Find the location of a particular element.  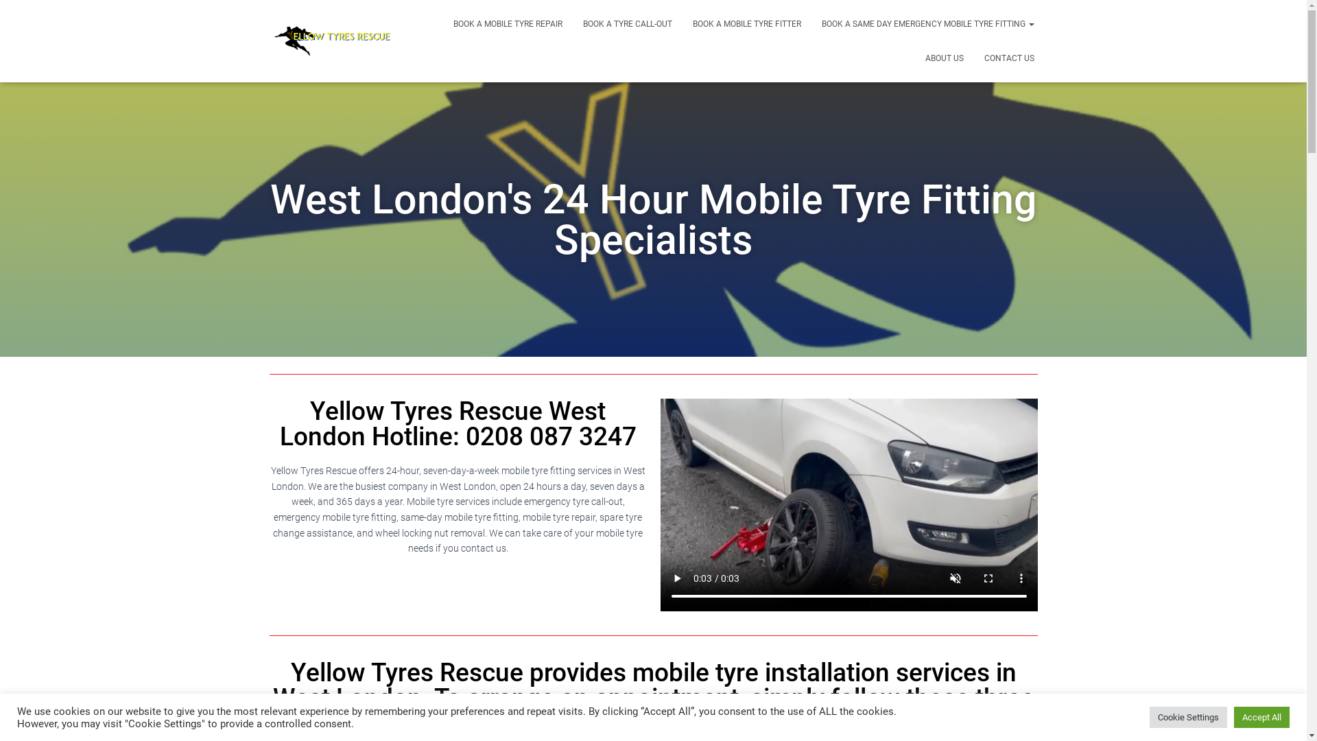

'BOOK A MOBILE TYRE FITTER' is located at coordinates (746, 23).